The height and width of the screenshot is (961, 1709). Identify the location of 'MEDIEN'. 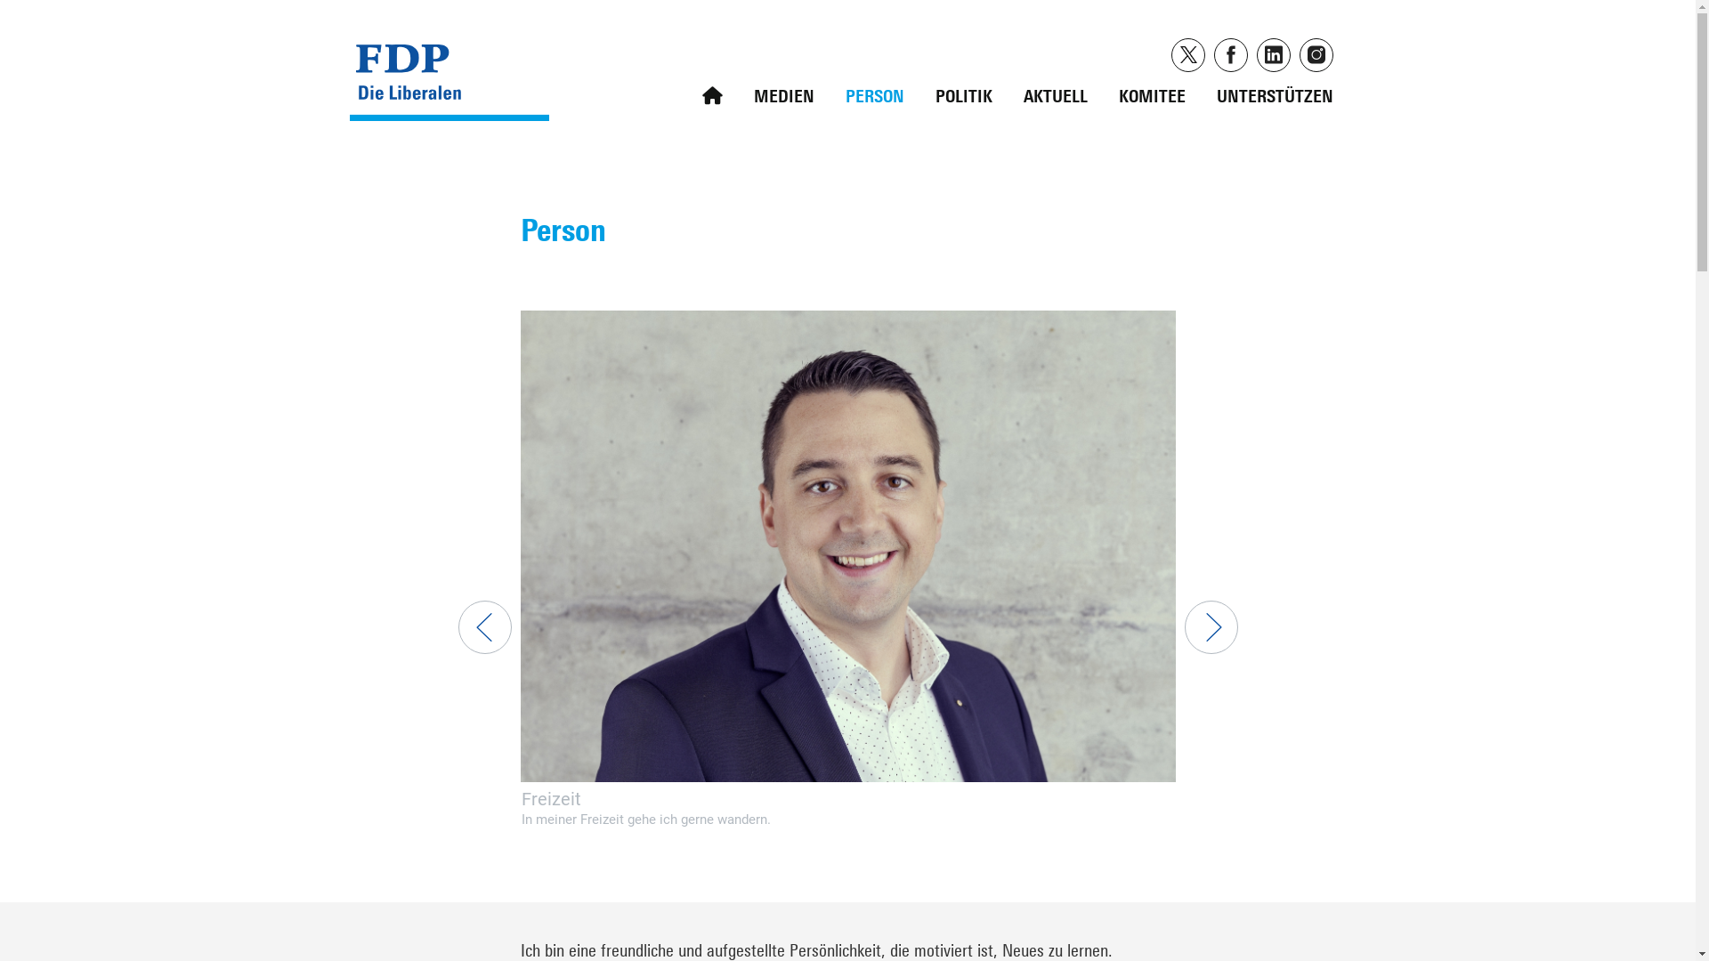
(783, 92).